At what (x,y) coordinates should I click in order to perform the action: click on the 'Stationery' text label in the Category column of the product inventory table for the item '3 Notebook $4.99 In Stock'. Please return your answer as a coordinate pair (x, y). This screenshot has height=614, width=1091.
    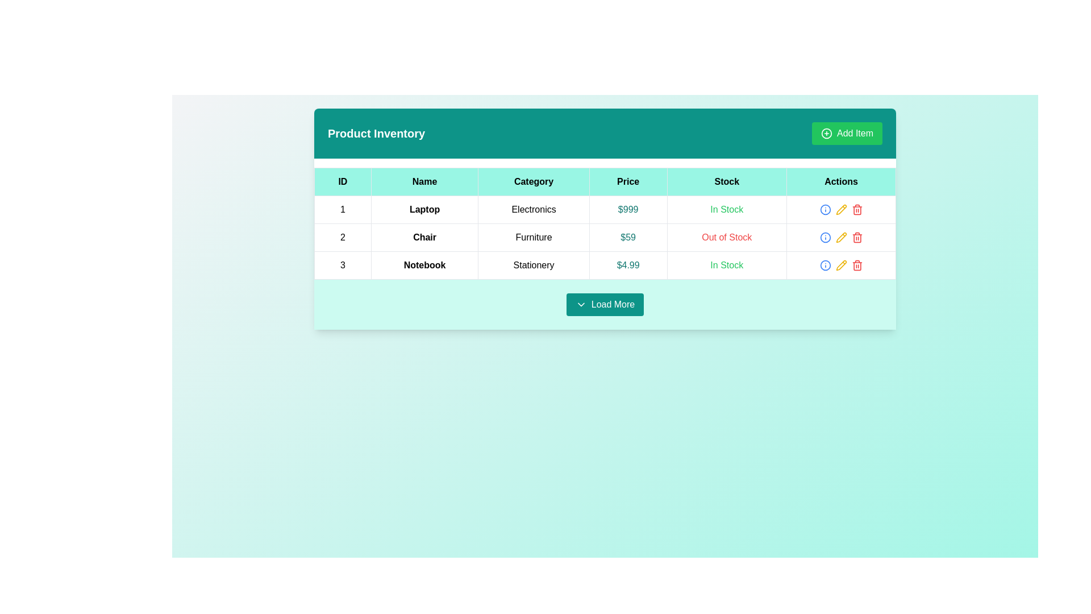
    Looking at the image, I should click on (533, 265).